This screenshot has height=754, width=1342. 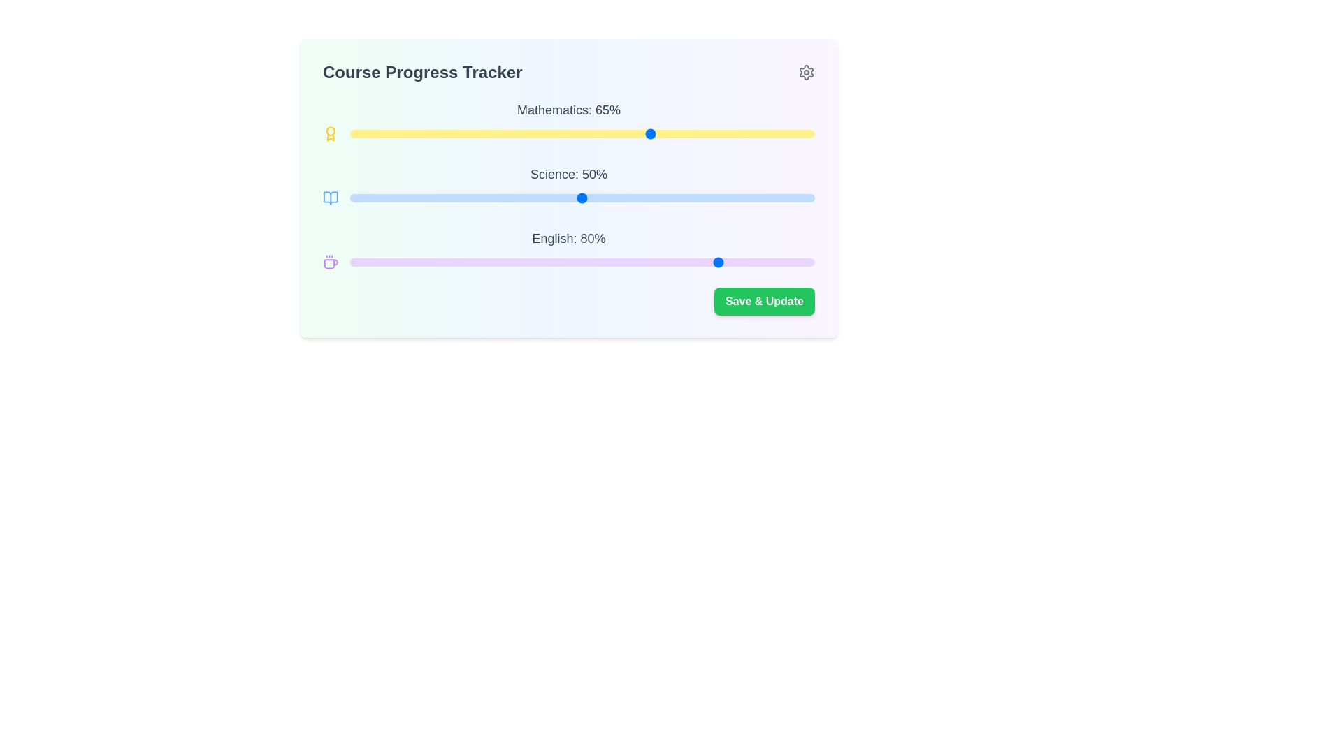 I want to click on the text display element showing 'Mathematics: 65%' located in the upper section of the 'Course Progress Tracker' card, so click(x=569, y=110).